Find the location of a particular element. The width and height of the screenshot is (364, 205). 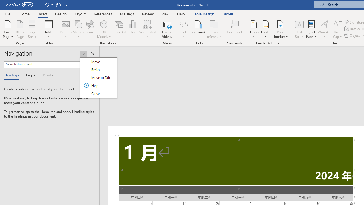

'Link' is located at coordinates (183, 29).